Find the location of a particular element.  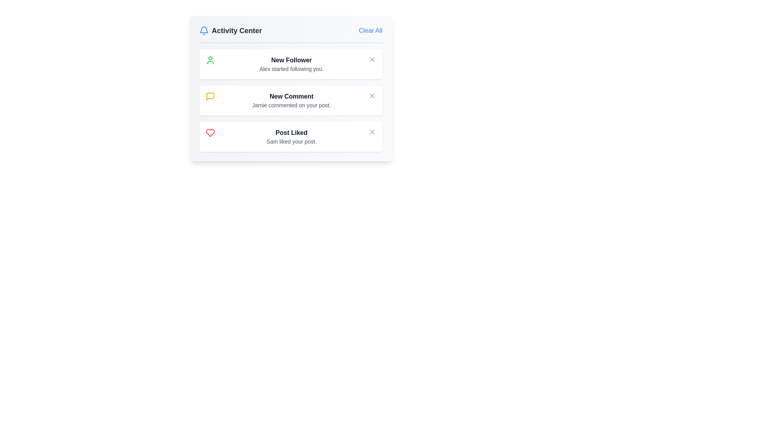

the Notification panel, which displays recent user-related activities such as followers, comments, and likes is located at coordinates (290, 88).